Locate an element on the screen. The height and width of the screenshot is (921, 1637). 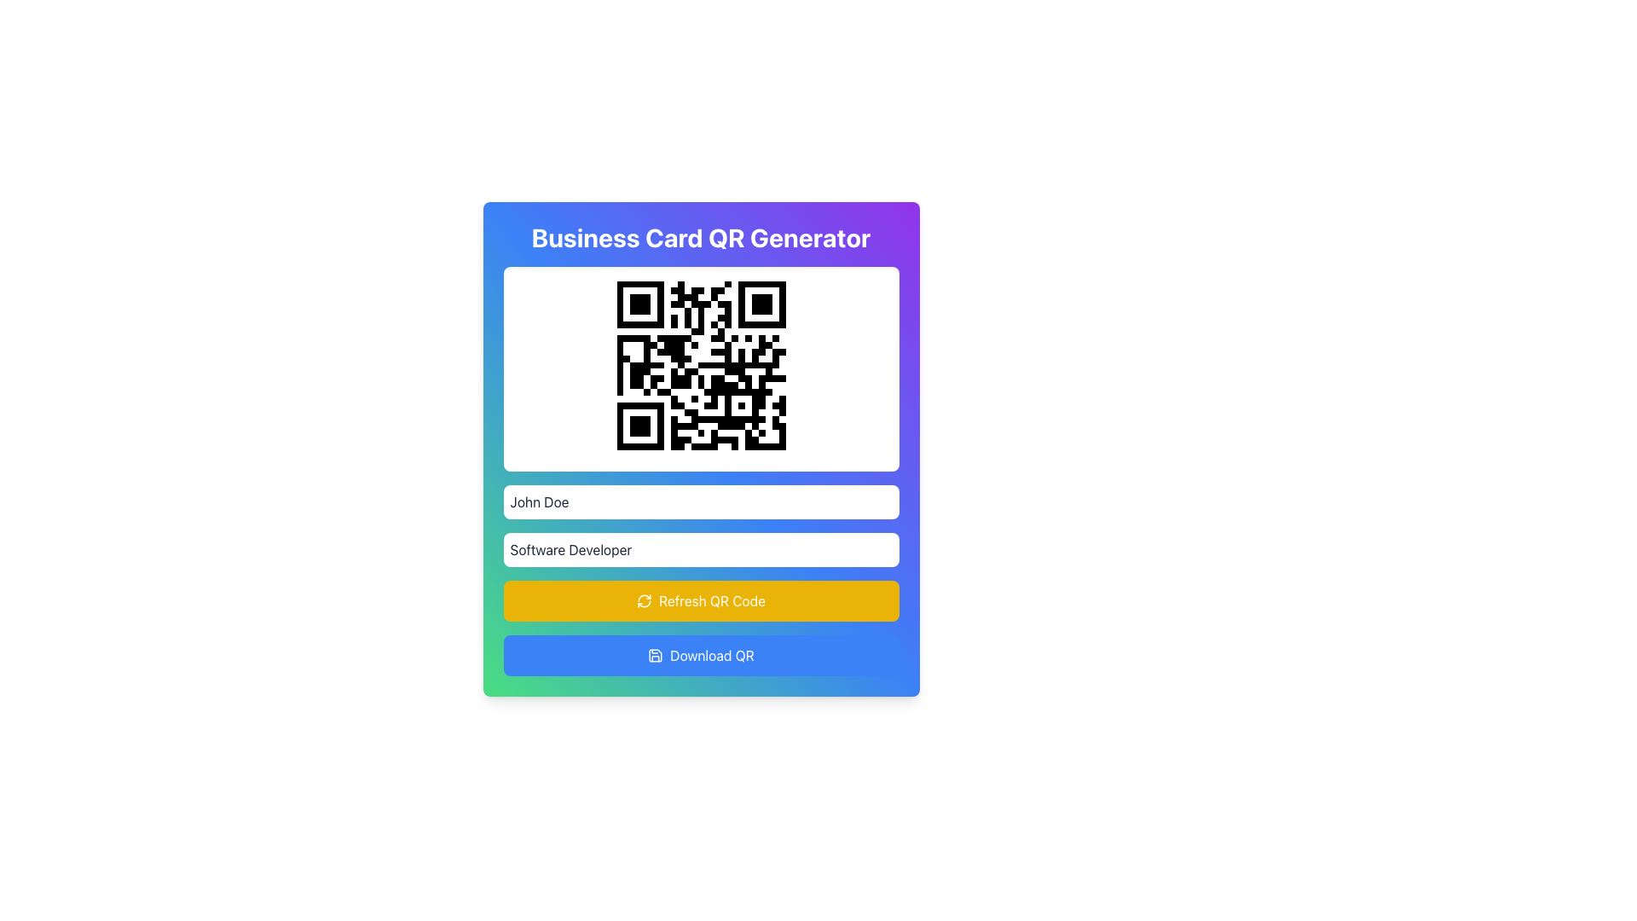
the download button for the QR code, located below the 'Refresh QR Code' button is located at coordinates (701, 654).